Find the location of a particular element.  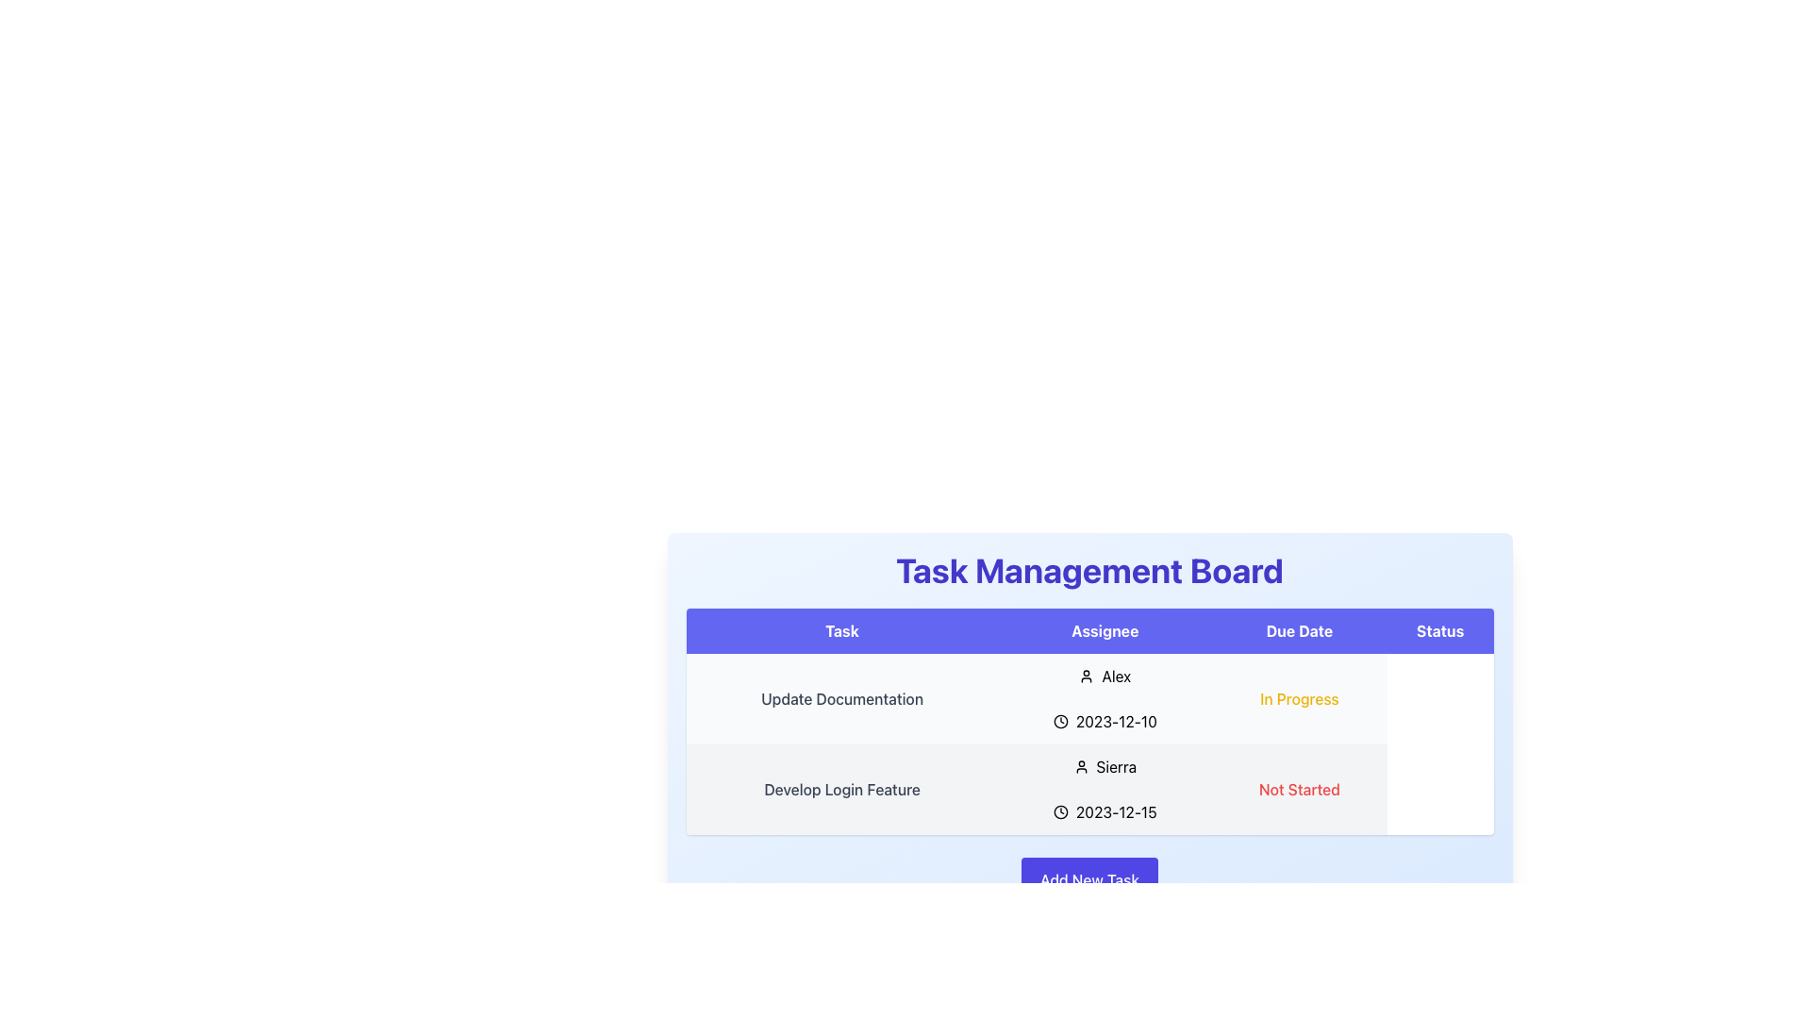

the 'Sierra' text element with the user profile icon in the 'Assignee' column of the task management table for the 'Develop Login Feature' task is located at coordinates (1105, 767).